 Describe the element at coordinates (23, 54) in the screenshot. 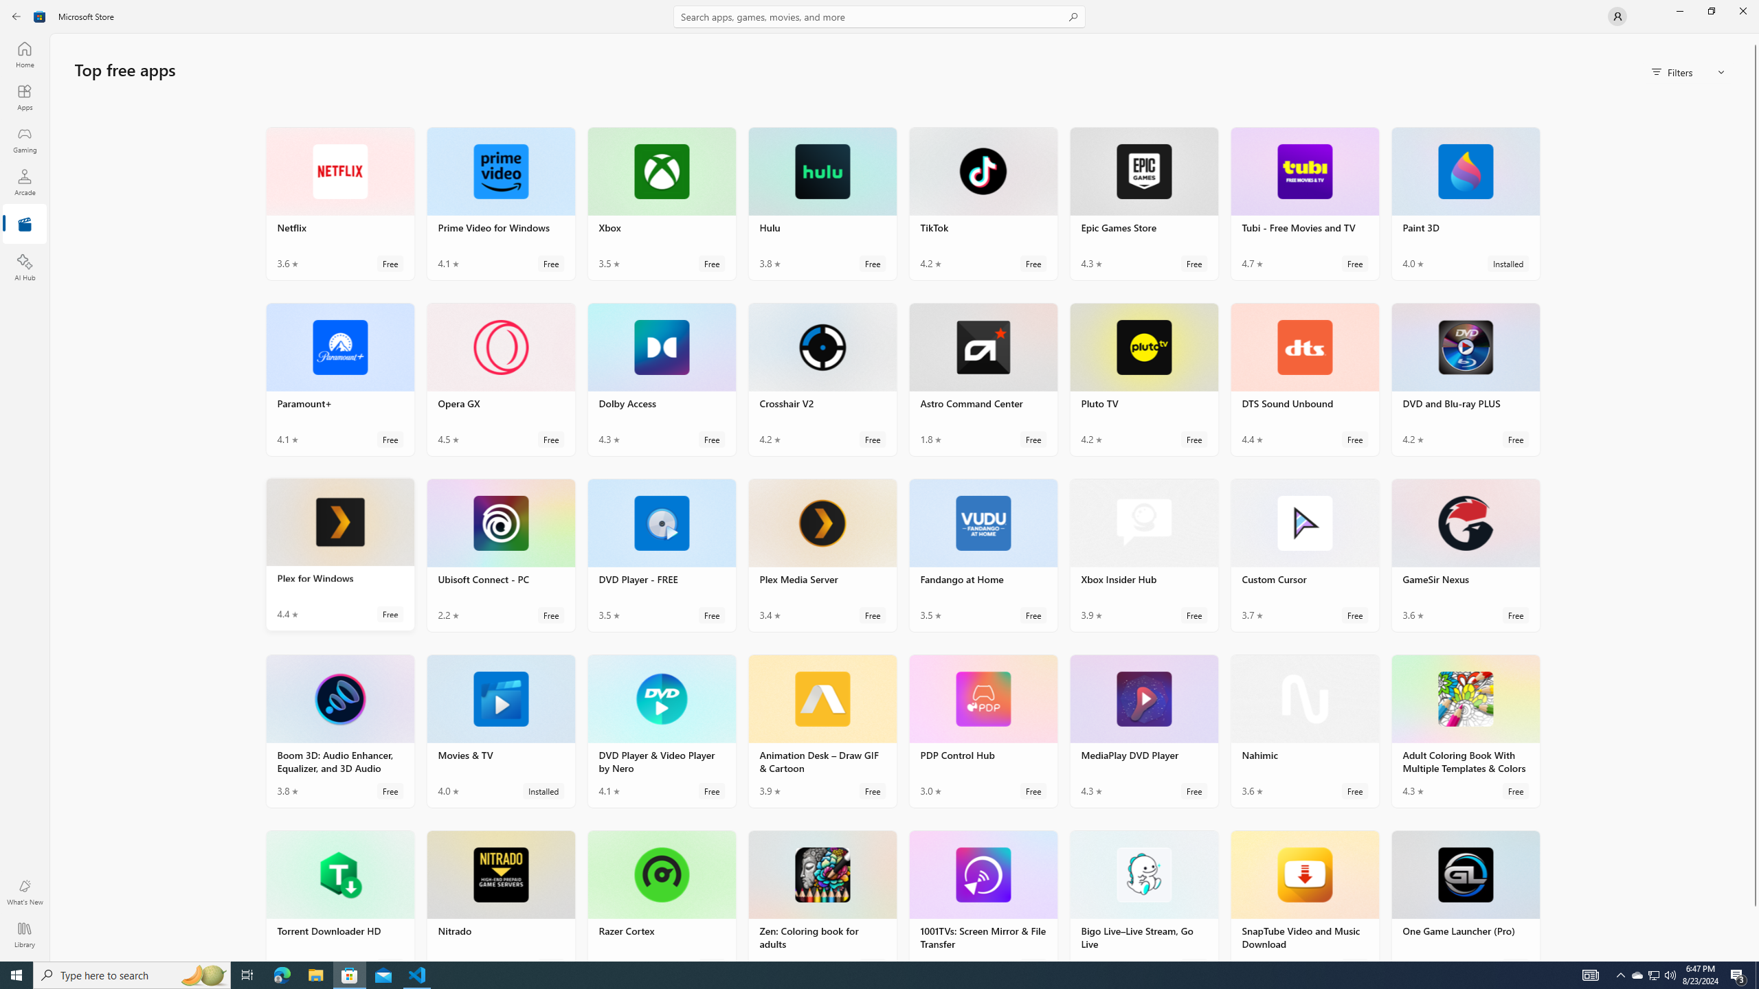

I see `'Home'` at that location.